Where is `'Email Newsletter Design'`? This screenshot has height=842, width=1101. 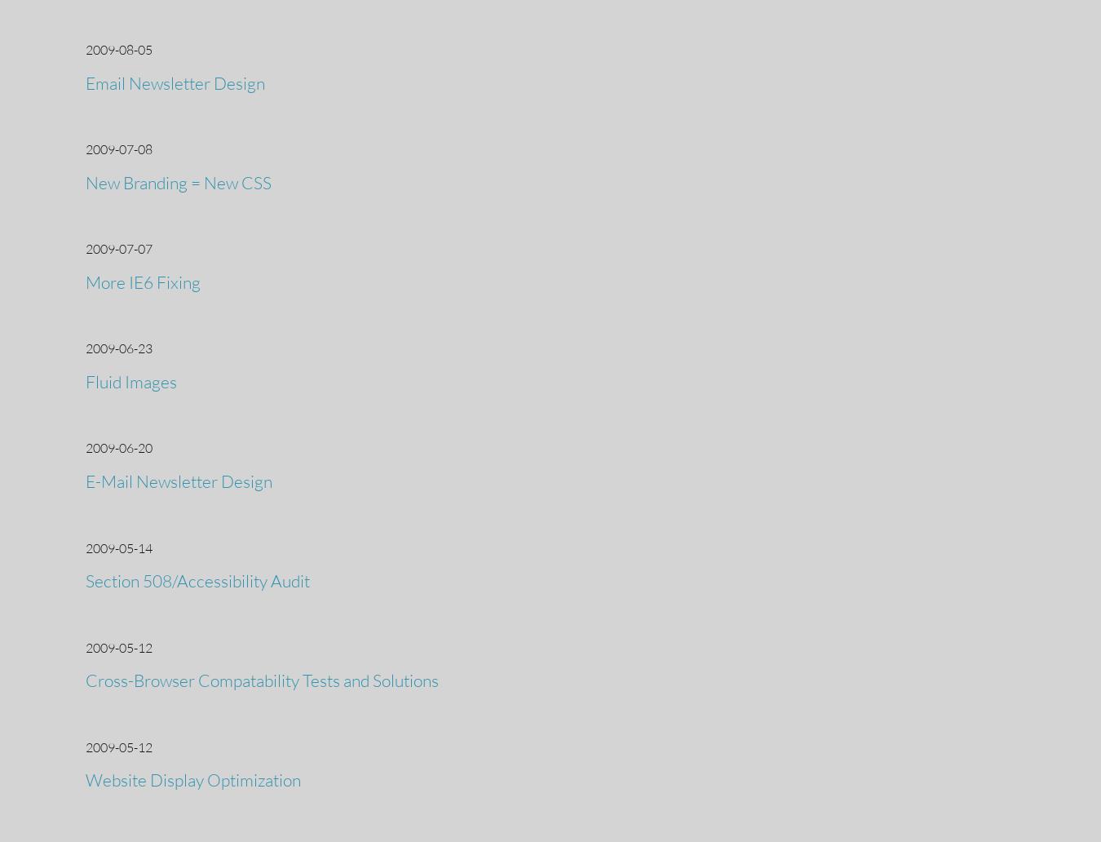
'Email Newsletter Design' is located at coordinates (175, 82).